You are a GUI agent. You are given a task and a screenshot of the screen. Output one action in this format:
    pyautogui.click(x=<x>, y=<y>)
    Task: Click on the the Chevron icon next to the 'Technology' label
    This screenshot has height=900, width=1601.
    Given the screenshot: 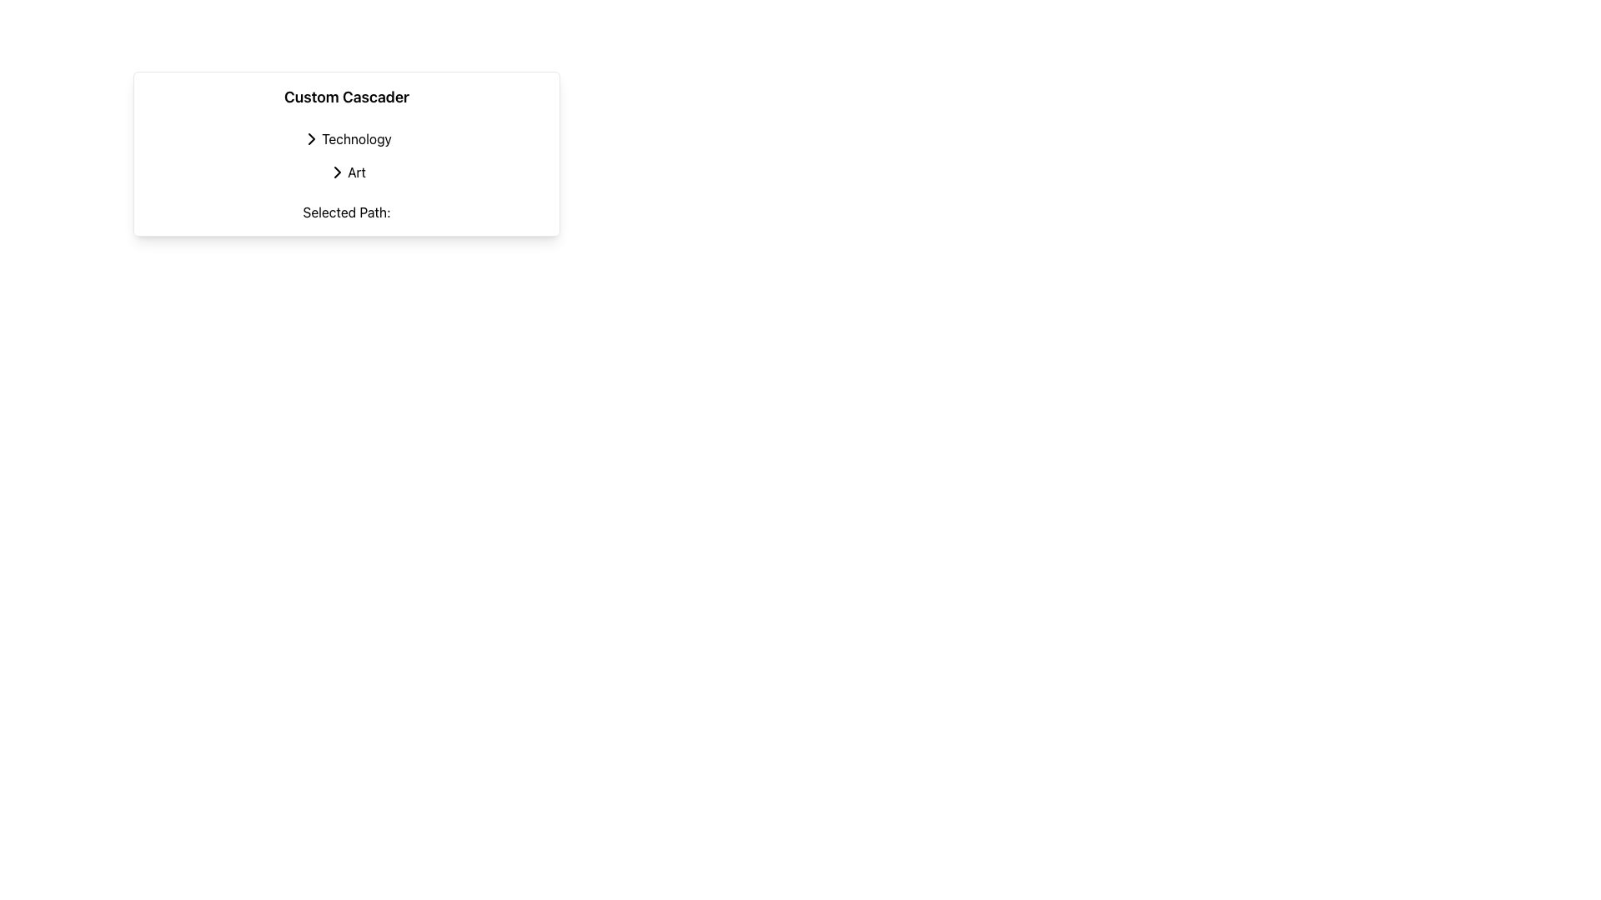 What is the action you would take?
    pyautogui.click(x=312, y=137)
    